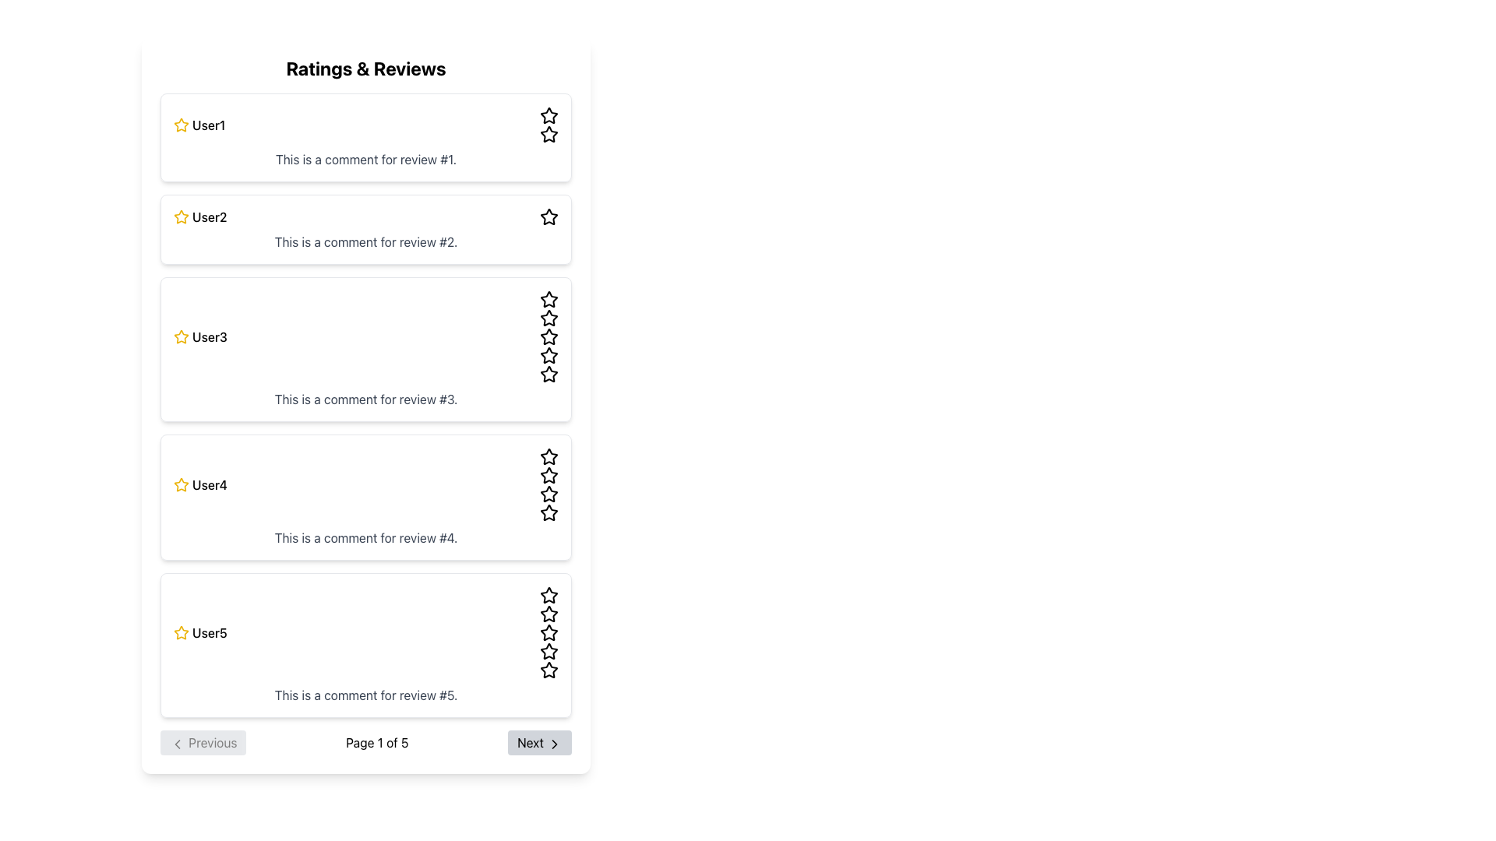 The height and width of the screenshot is (841, 1496). What do you see at coordinates (549, 216) in the screenshot?
I see `the second star icon in the 'User2' ratings section` at bounding box center [549, 216].